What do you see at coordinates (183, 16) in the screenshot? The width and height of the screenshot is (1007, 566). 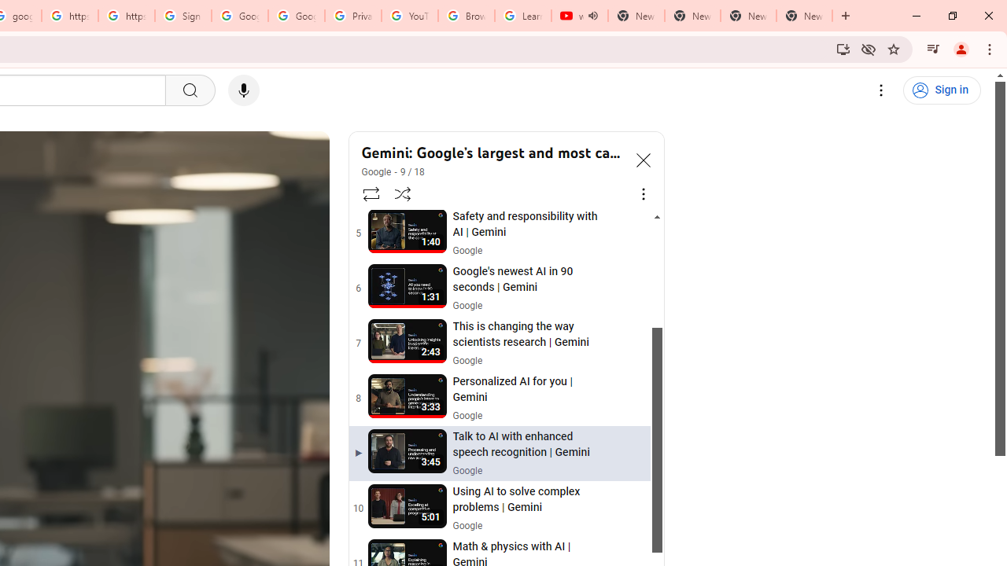 I see `'Sign in - Google Accounts'` at bounding box center [183, 16].